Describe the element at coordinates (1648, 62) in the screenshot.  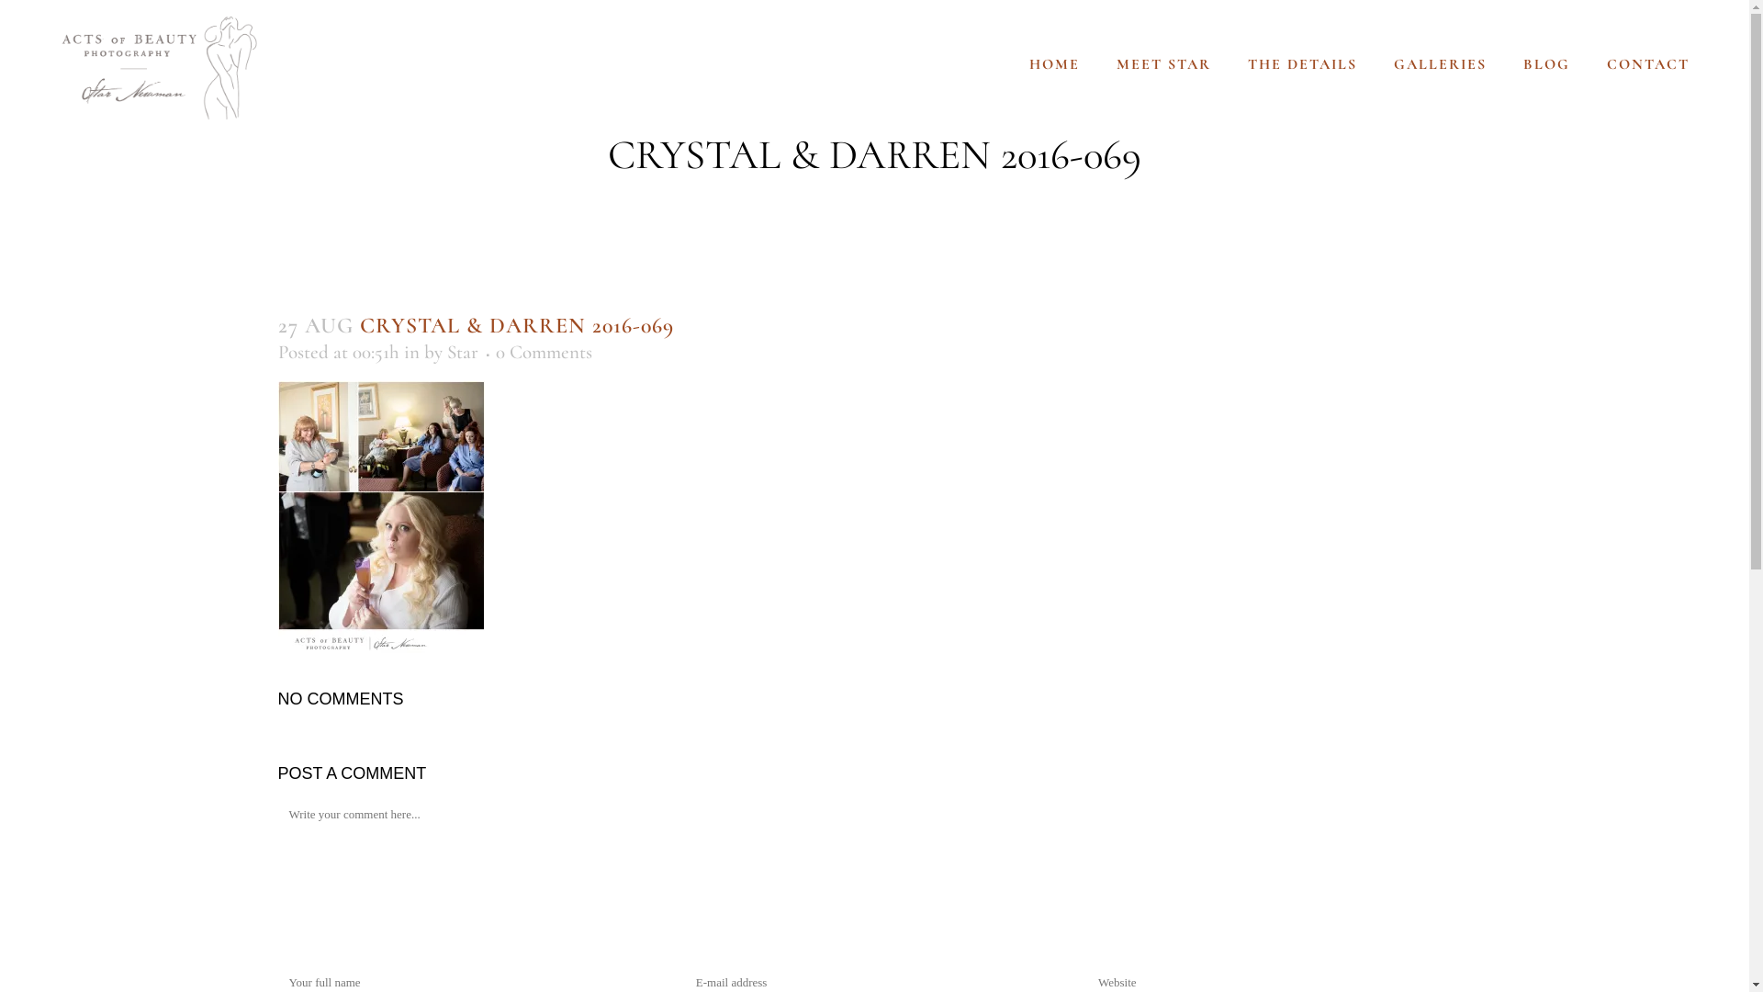
I see `'CONTACT'` at that location.